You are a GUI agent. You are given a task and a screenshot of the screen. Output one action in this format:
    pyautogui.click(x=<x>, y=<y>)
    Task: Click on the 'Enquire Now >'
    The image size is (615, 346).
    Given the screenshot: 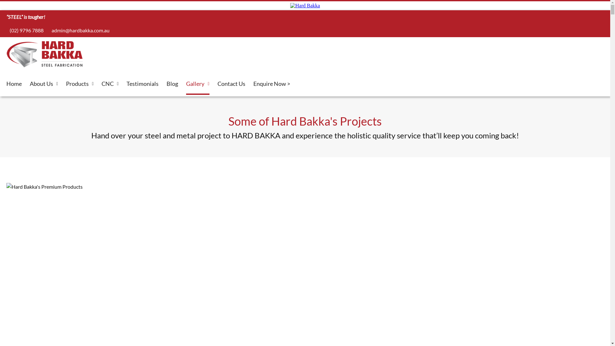 What is the action you would take?
    pyautogui.click(x=271, y=84)
    